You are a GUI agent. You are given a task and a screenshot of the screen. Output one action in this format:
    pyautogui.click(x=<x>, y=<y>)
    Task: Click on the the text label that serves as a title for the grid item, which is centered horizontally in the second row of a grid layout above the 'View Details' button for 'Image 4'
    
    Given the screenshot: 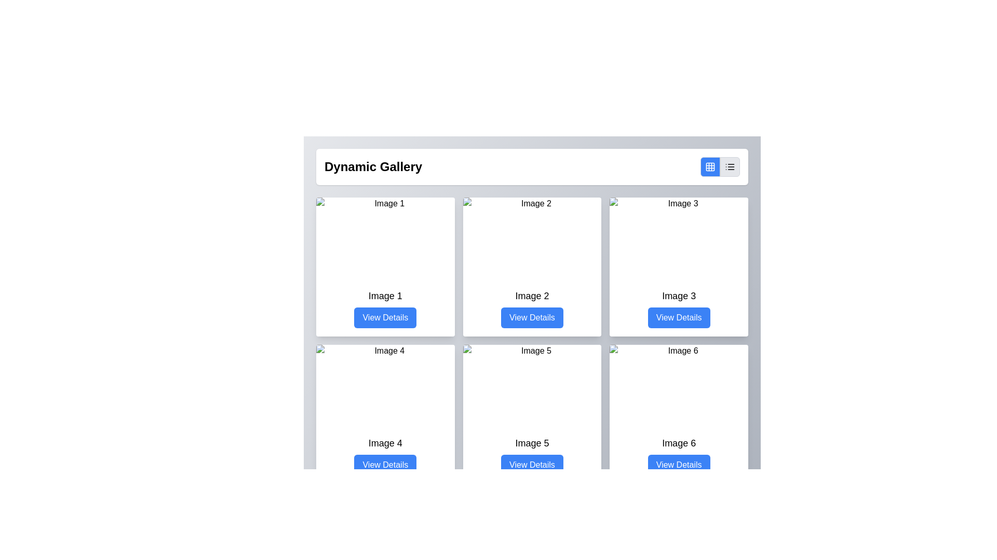 What is the action you would take?
    pyautogui.click(x=385, y=443)
    